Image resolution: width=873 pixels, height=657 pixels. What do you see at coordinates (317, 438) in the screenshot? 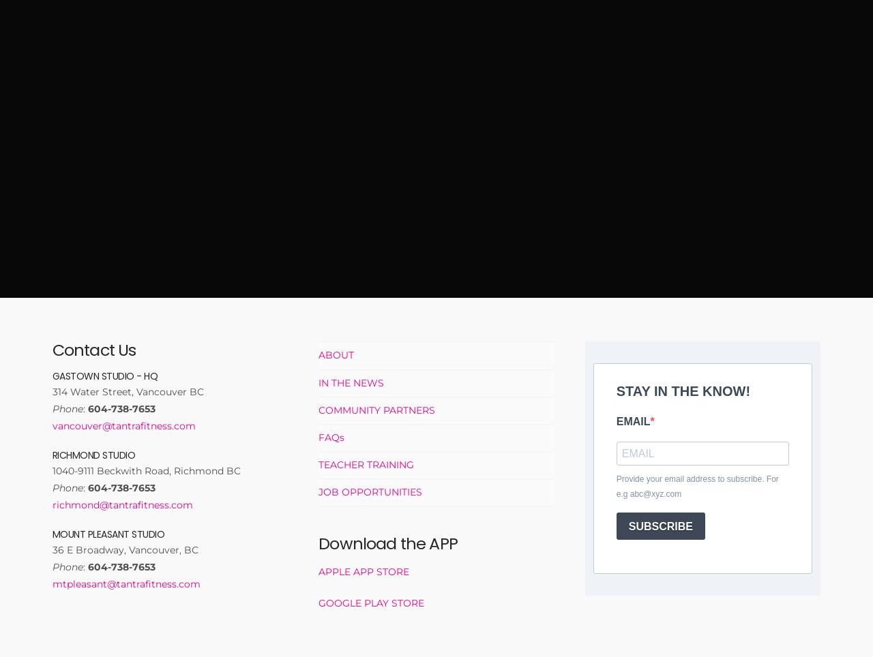
I see `'FAQs'` at bounding box center [317, 438].